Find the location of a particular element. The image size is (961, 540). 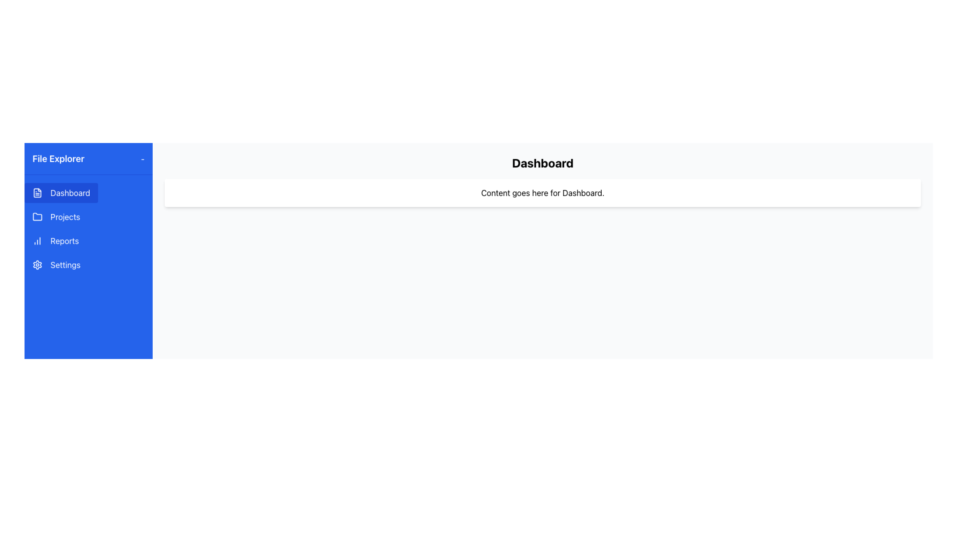

the gear-shaped settings icon in the blue navigation sidebar is located at coordinates (38, 264).